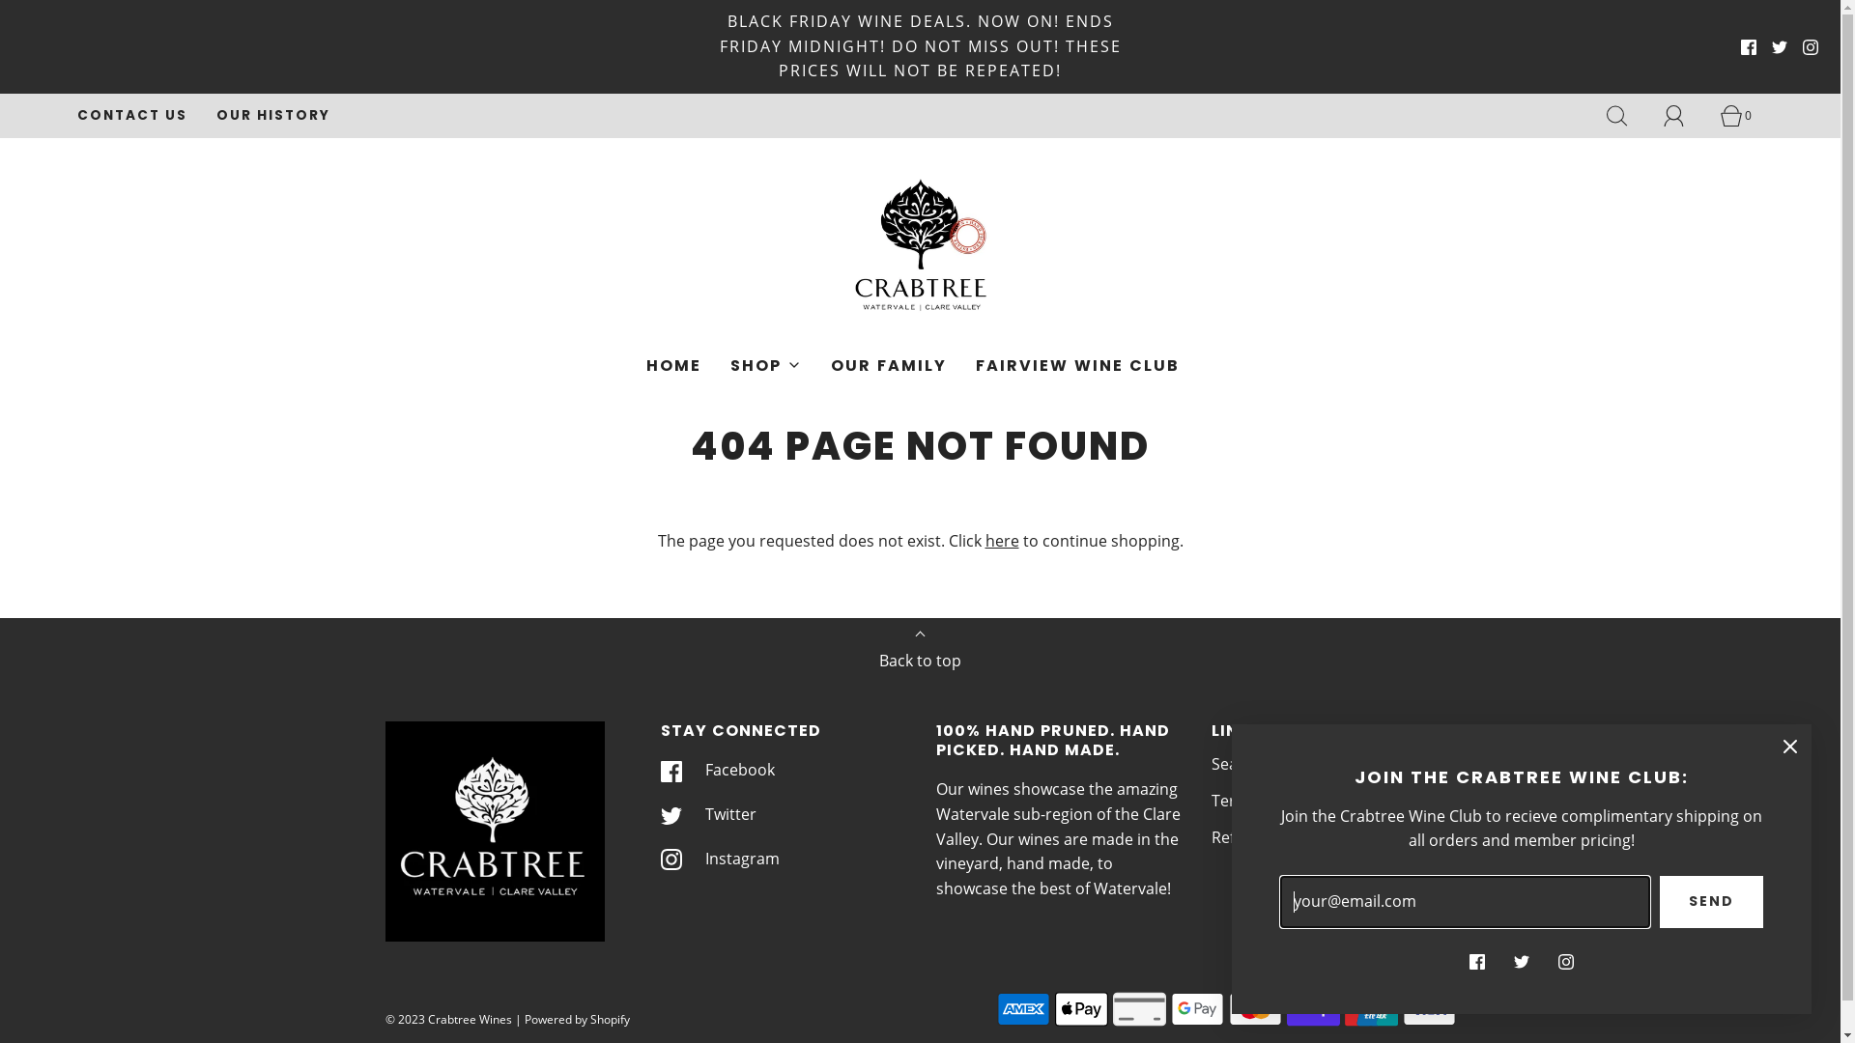  I want to click on 'INSTAGRAM ICON', so click(1802, 46).